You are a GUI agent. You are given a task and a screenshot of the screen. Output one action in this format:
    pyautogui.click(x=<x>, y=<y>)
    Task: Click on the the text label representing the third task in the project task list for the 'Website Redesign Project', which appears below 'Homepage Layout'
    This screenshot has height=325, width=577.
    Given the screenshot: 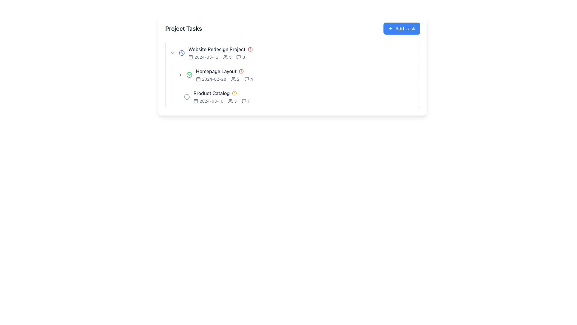 What is the action you would take?
    pyautogui.click(x=212, y=93)
    